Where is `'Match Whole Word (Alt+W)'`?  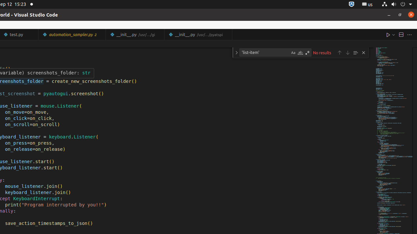 'Match Whole Word (Alt+W)' is located at coordinates (300, 52).